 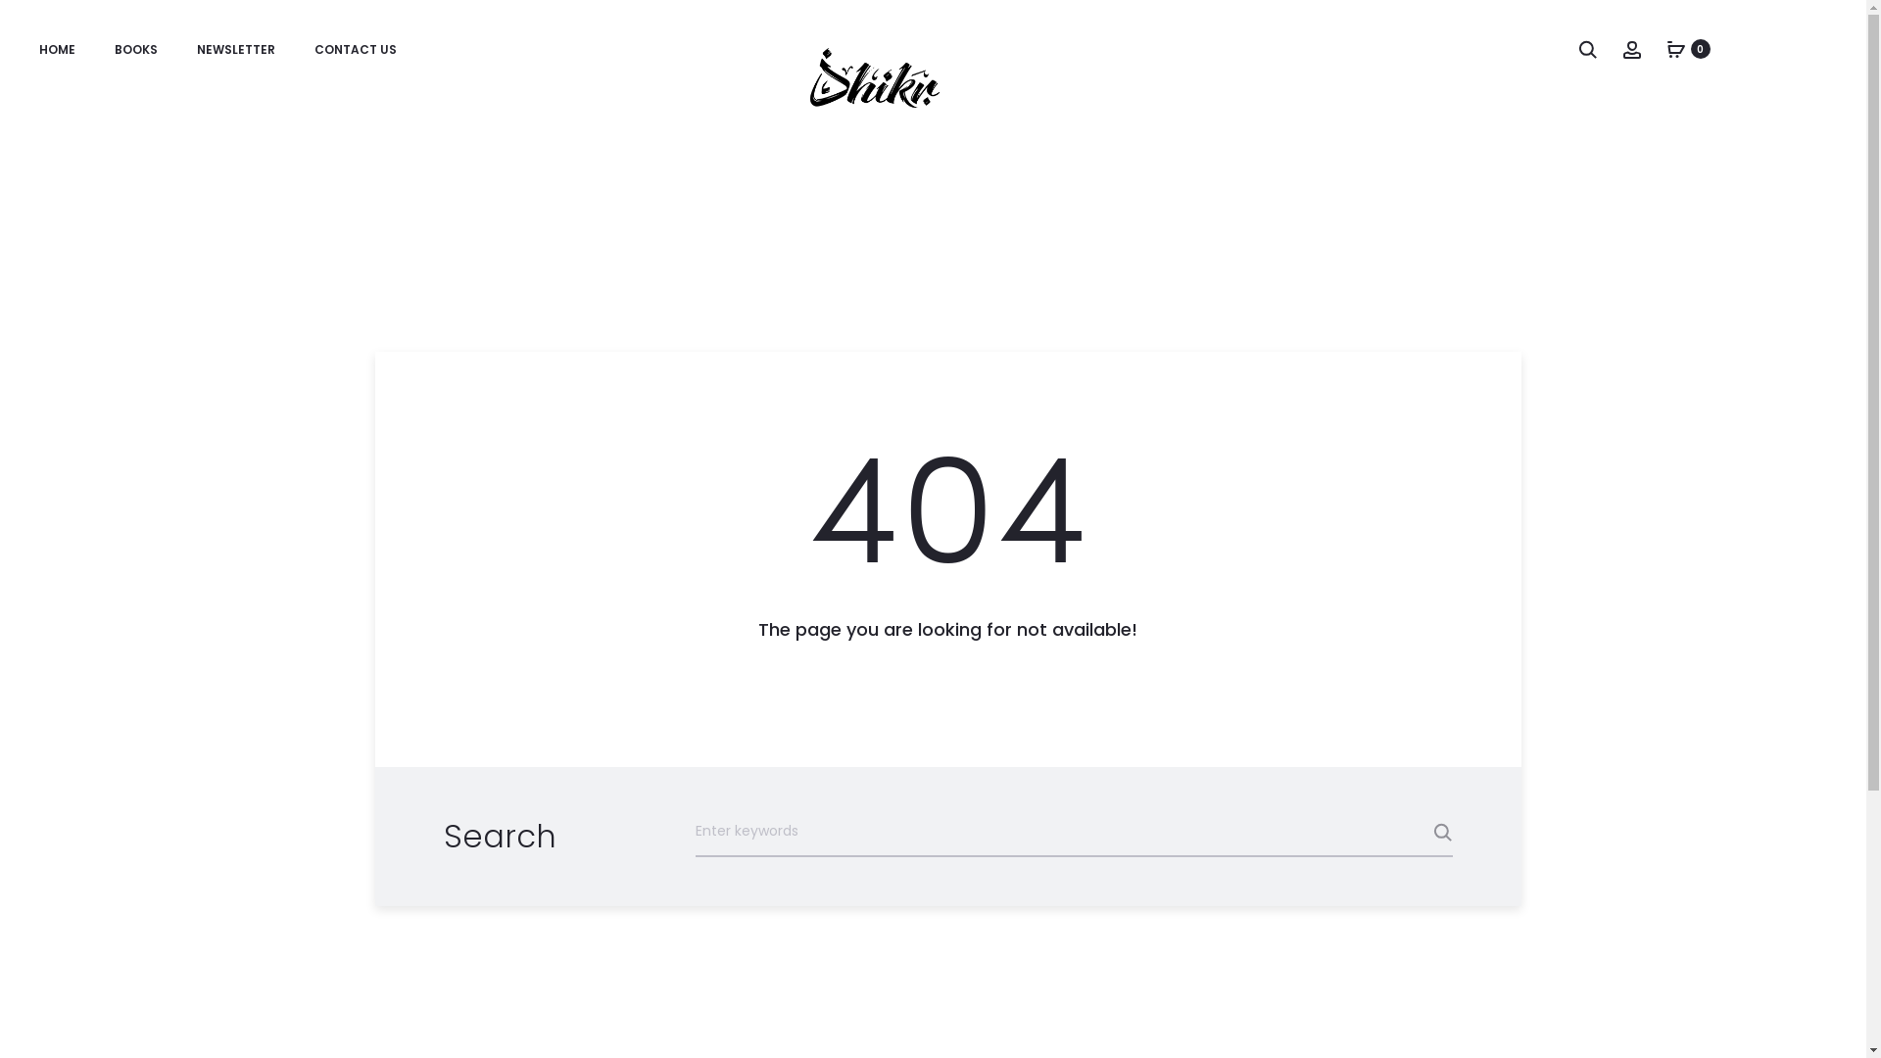 I want to click on 'HOME', so click(x=57, y=48).